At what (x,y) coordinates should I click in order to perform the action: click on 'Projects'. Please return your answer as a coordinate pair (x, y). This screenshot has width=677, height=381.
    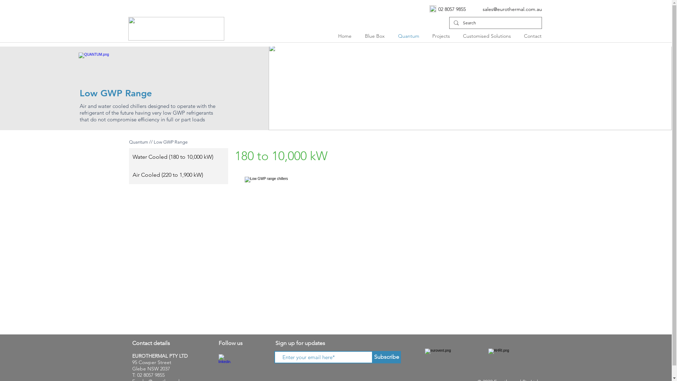
    Looking at the image, I should click on (426, 36).